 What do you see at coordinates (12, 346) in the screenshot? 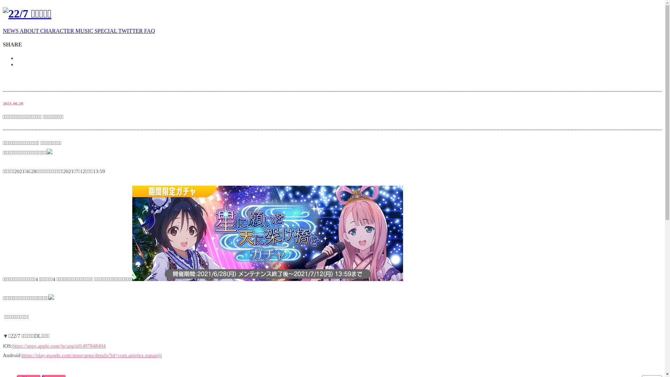
I see `'https://apps.apple.com/jp/app/id1497848404'` at bounding box center [12, 346].